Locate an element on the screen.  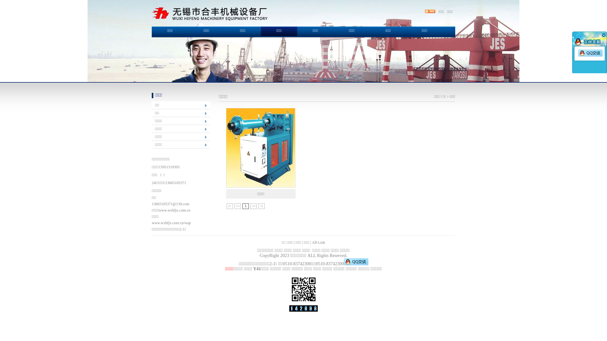
'www.wxhfjx.com.cn' is located at coordinates (159, 210).